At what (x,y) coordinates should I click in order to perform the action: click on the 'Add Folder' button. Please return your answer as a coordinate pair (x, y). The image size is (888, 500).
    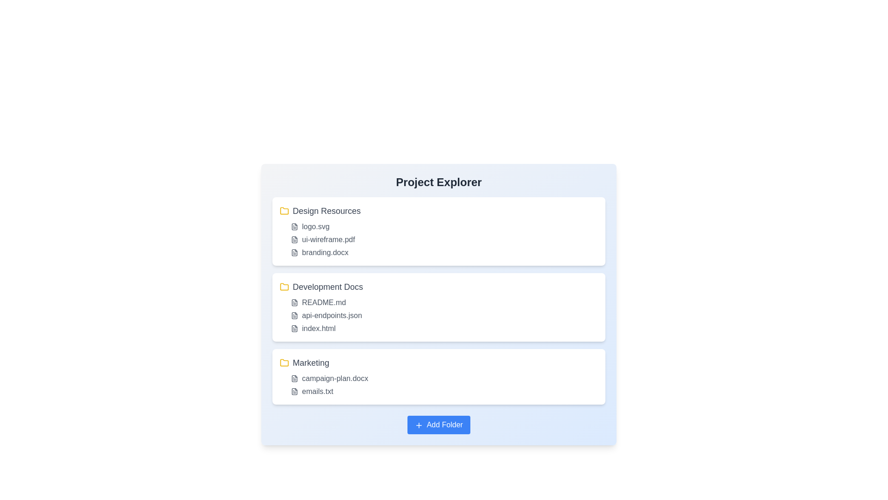
    Looking at the image, I should click on (438, 425).